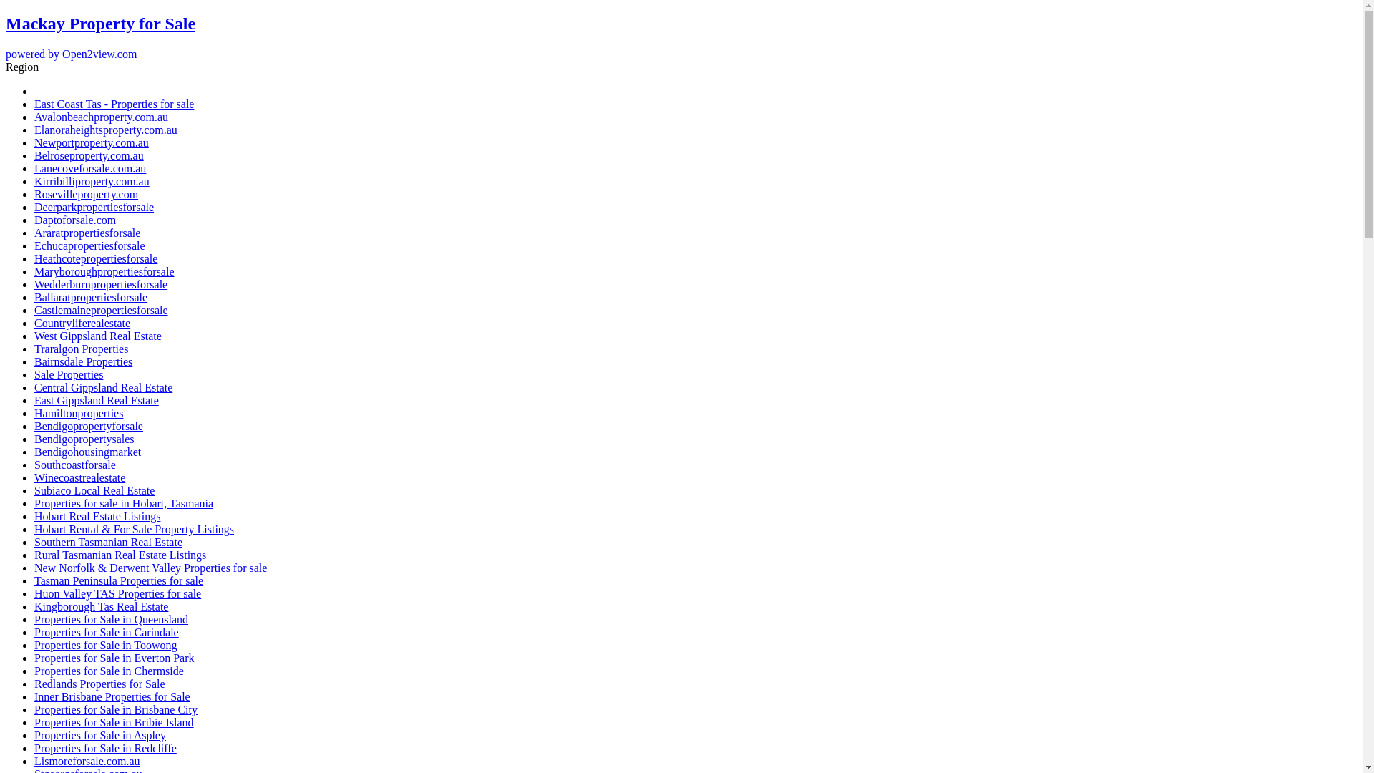  I want to click on 'Heathcotepropertiesforsale', so click(95, 258).